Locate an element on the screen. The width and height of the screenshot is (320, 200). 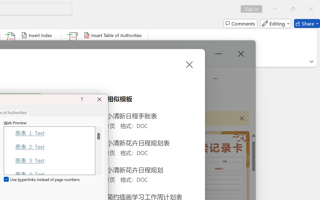
'Insert Index...' is located at coordinates (37, 35).